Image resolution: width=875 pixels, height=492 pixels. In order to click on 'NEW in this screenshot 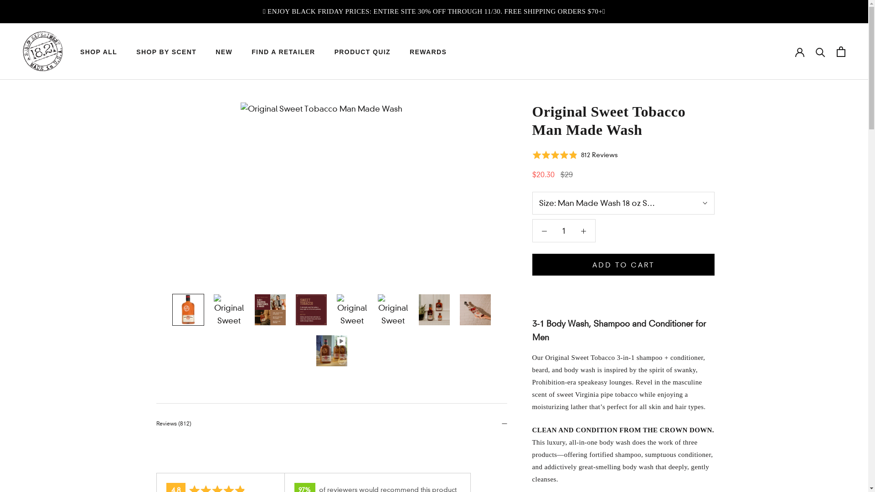, I will do `click(224, 52)`.